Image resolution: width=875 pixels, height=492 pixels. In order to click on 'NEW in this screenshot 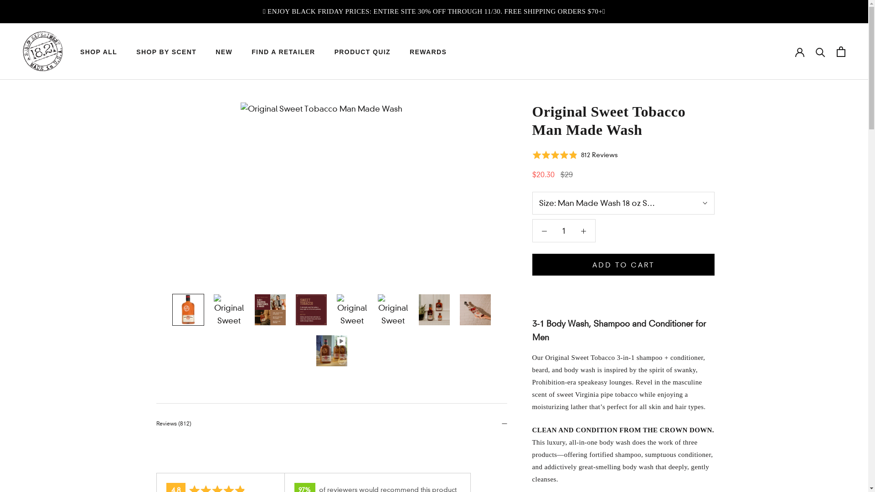, I will do `click(224, 52)`.